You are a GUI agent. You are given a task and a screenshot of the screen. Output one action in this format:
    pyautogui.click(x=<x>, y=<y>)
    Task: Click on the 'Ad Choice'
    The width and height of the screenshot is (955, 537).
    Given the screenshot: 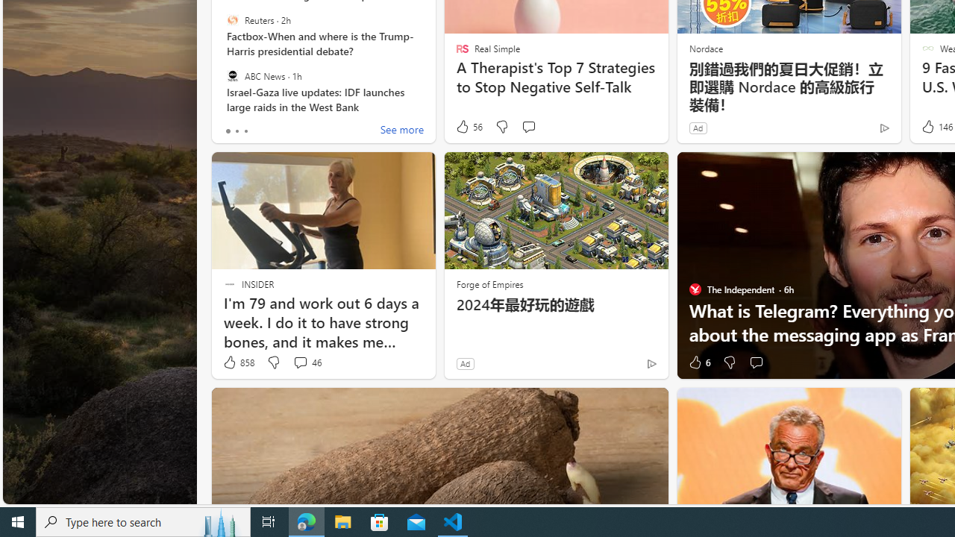 What is the action you would take?
    pyautogui.click(x=651, y=363)
    